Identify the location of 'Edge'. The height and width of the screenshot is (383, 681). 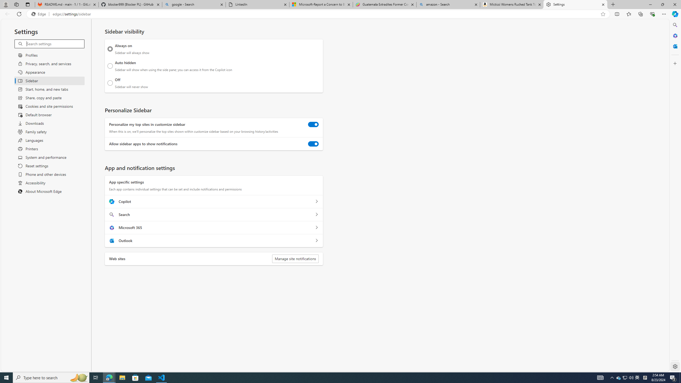
(39, 14).